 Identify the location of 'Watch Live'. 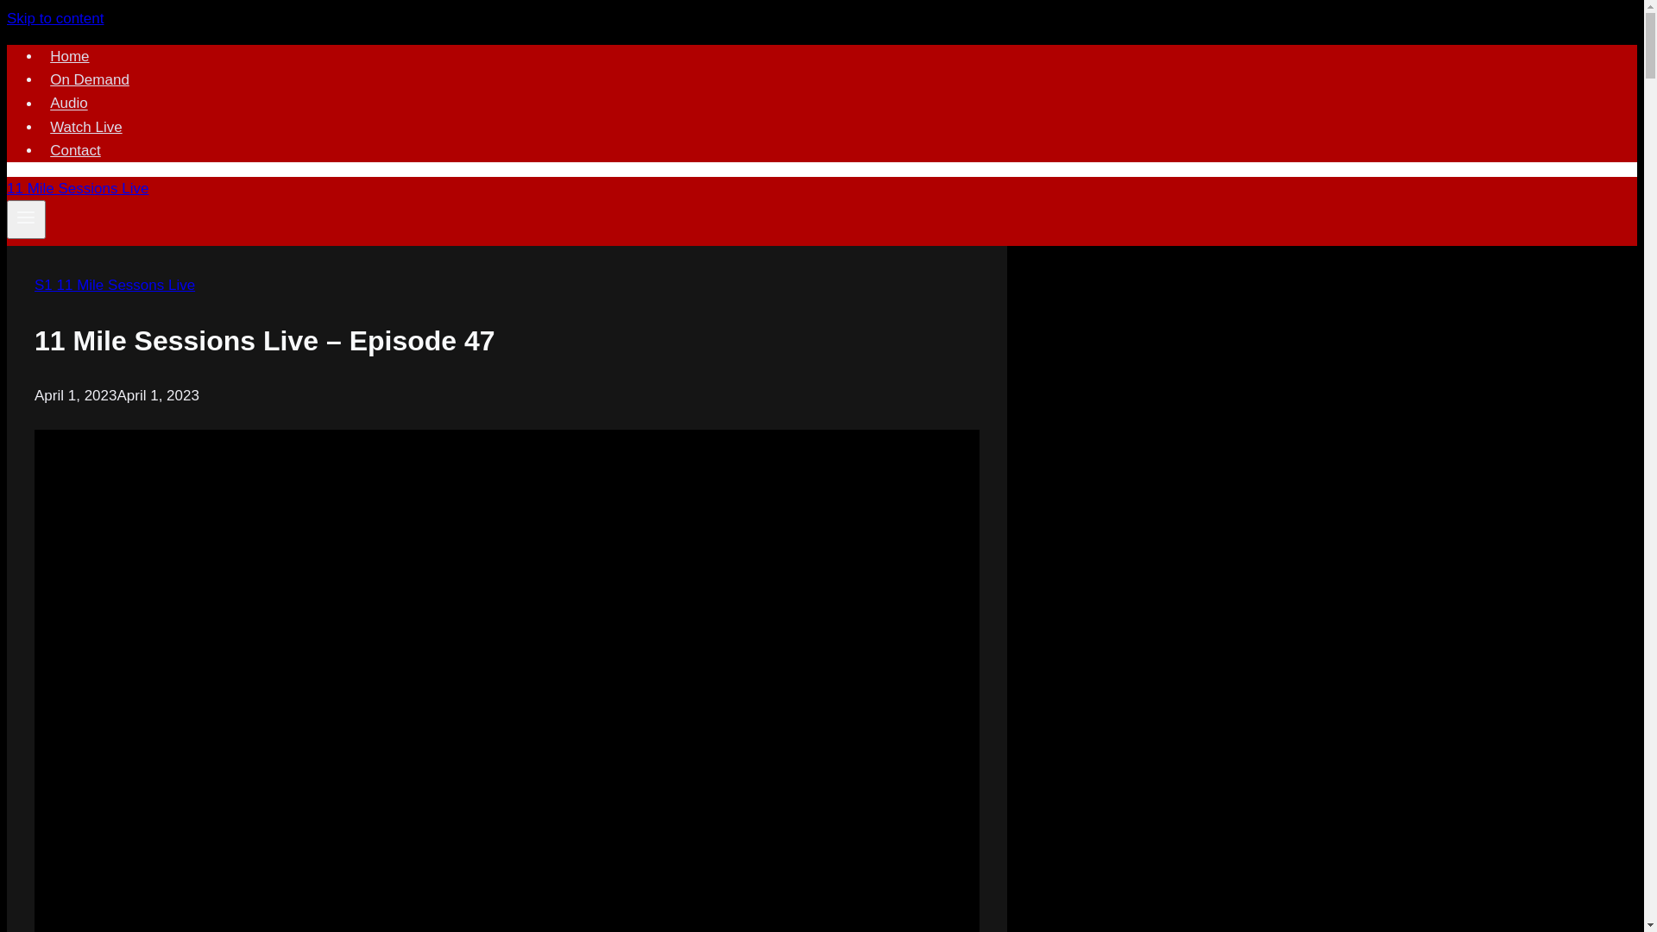
(85, 126).